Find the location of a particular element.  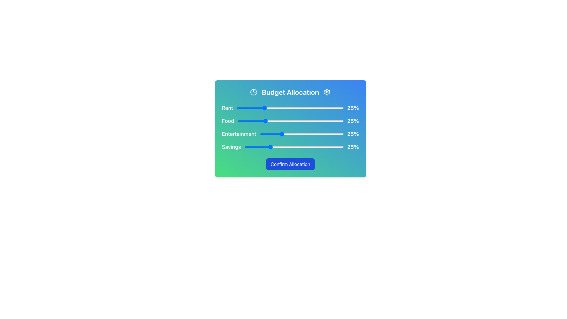

the Entertainment allocation is located at coordinates (290, 134).